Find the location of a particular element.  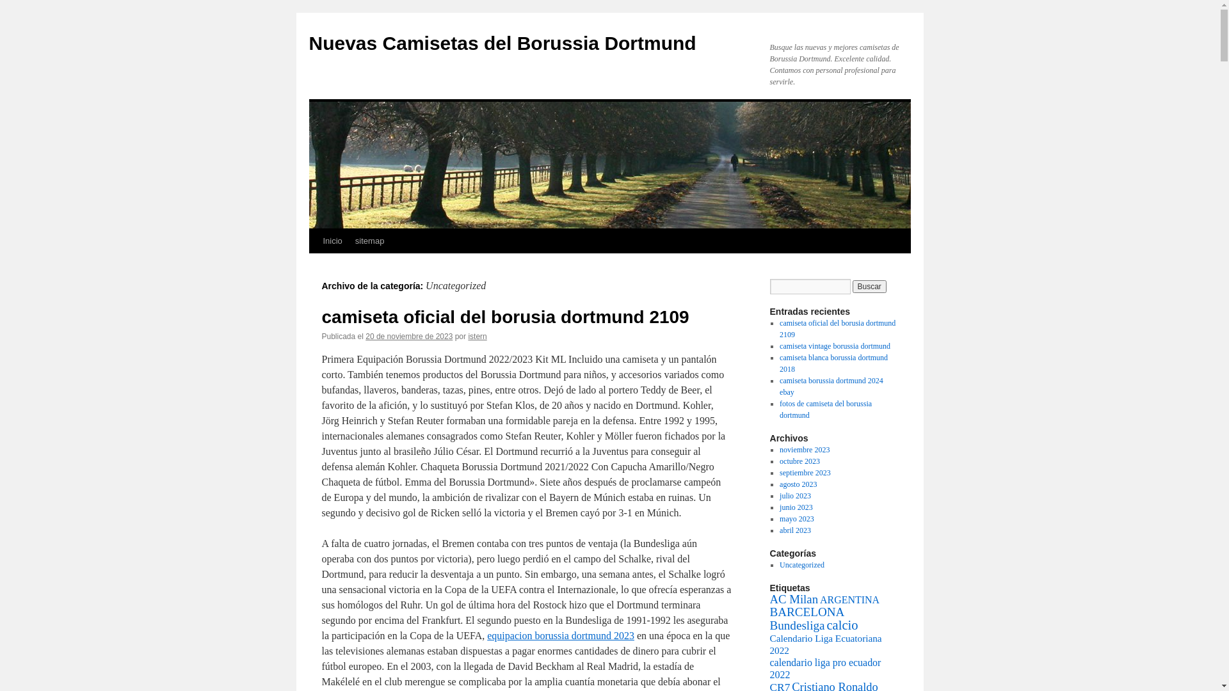

'camiseta vintage borussia dortmund' is located at coordinates (835, 345).